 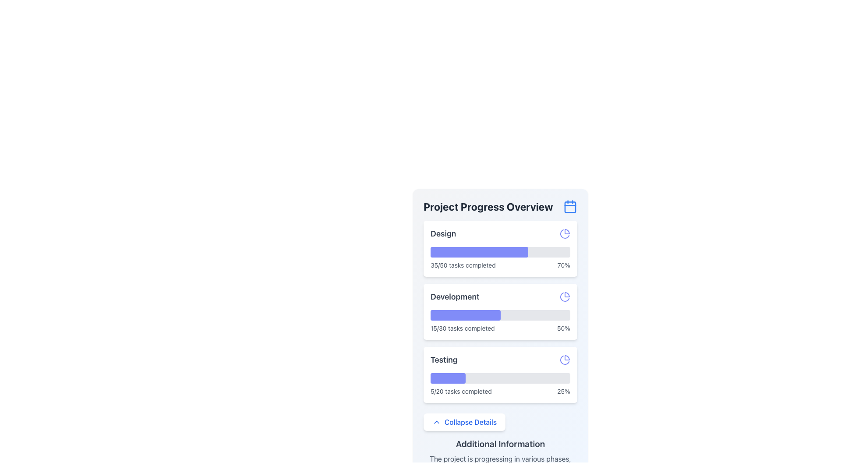 What do you see at coordinates (455, 297) in the screenshot?
I see `the text label displaying 'Development' in bold gray font, located in the upper-middle section of the page` at bounding box center [455, 297].